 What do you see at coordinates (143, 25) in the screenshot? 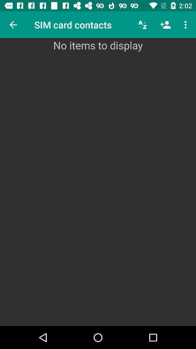
I see `the icon next to sim card contacts` at bounding box center [143, 25].